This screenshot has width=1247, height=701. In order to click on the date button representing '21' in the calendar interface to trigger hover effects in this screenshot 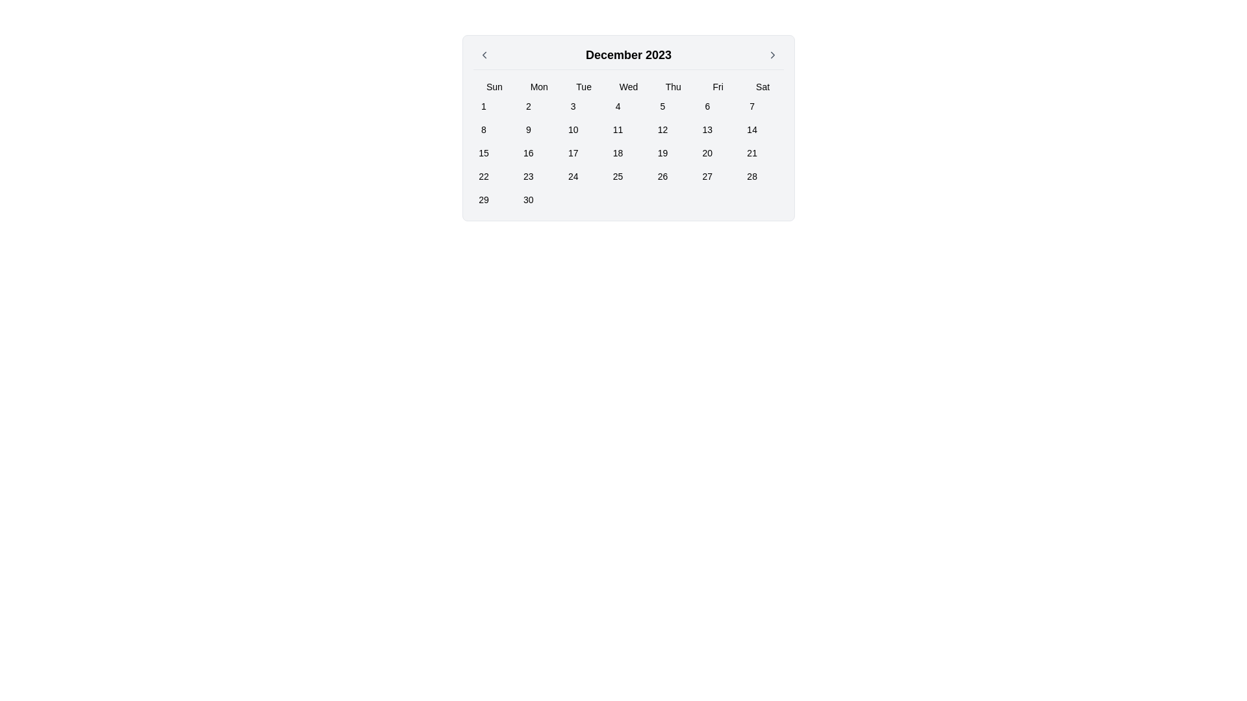, I will do `click(752, 152)`.